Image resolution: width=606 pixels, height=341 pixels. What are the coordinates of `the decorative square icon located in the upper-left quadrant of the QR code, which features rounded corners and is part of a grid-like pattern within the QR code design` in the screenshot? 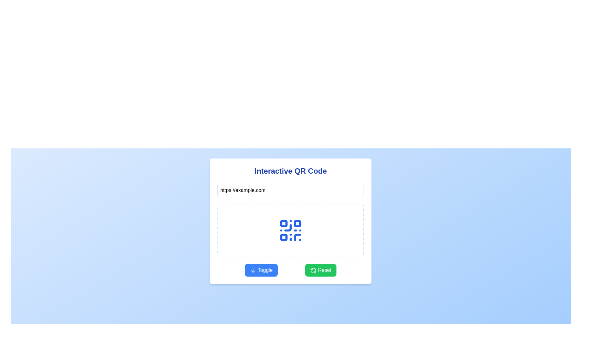 It's located at (283, 223).